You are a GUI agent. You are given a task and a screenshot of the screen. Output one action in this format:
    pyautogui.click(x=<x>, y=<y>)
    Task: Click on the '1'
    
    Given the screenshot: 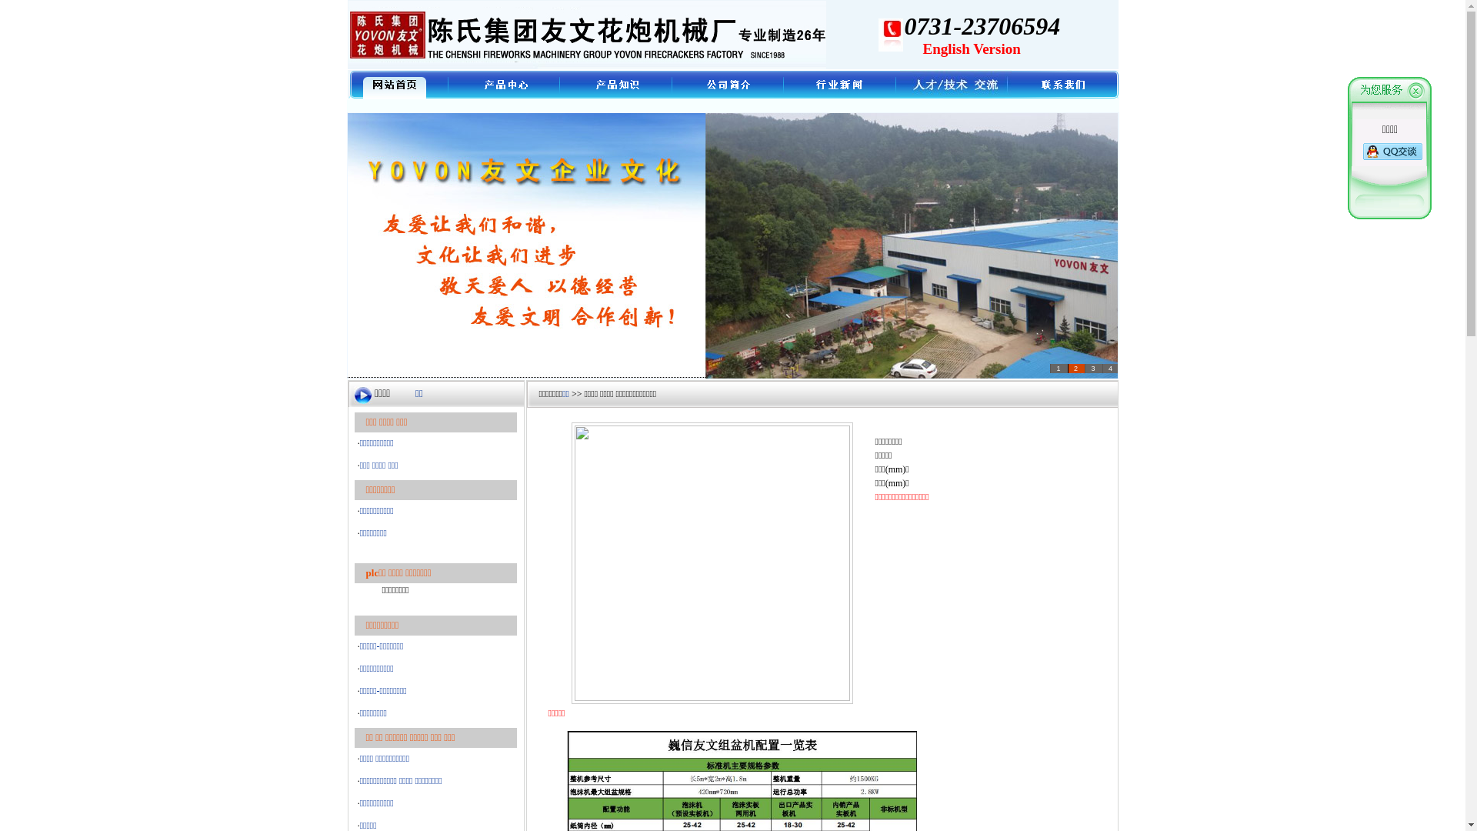 What is the action you would take?
    pyautogui.click(x=1058, y=368)
    